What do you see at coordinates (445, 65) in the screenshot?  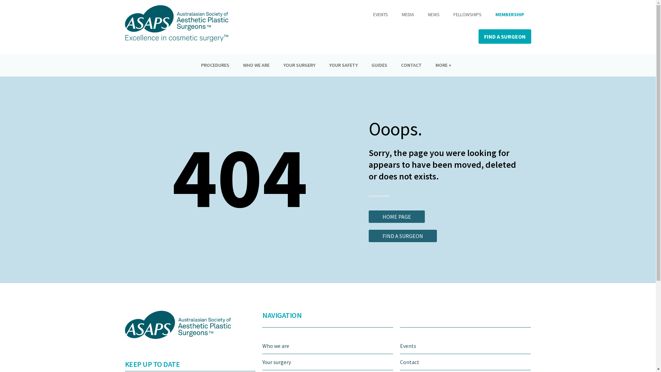 I see `'MORE +'` at bounding box center [445, 65].